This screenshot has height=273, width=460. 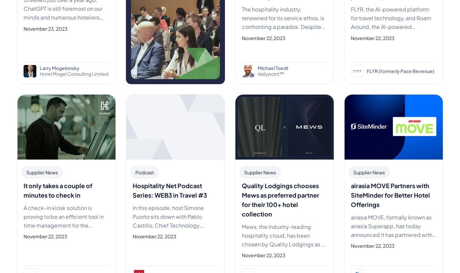 I want to click on 'A check-in kiosk solution is proving to be an efficient tool in time management for the hospitality industry. Smart hospitali', so click(x=63, y=225).